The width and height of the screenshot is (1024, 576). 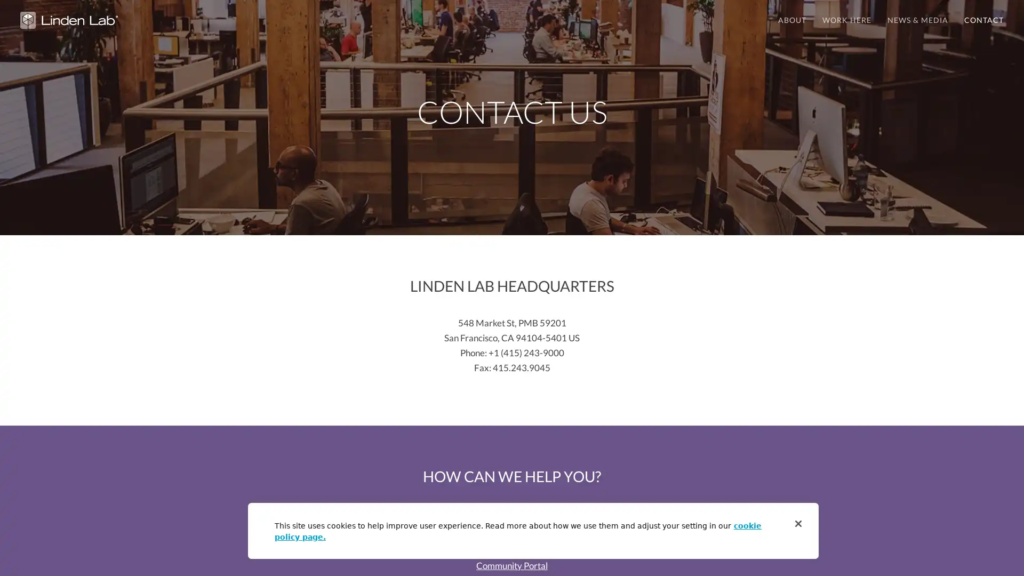 What do you see at coordinates (798, 523) in the screenshot?
I see `Close` at bounding box center [798, 523].